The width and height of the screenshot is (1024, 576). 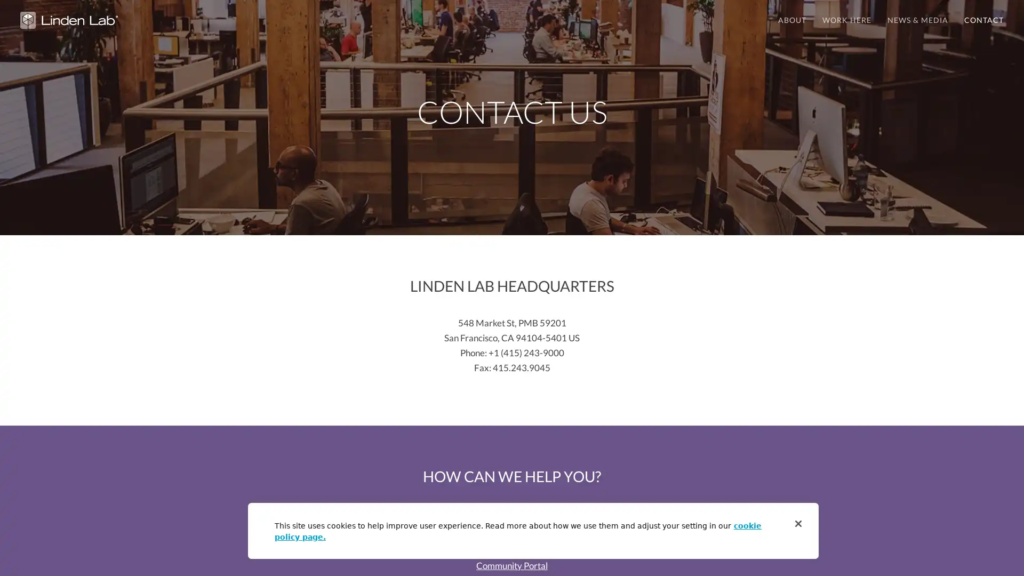 What do you see at coordinates (798, 523) in the screenshot?
I see `Close` at bounding box center [798, 523].